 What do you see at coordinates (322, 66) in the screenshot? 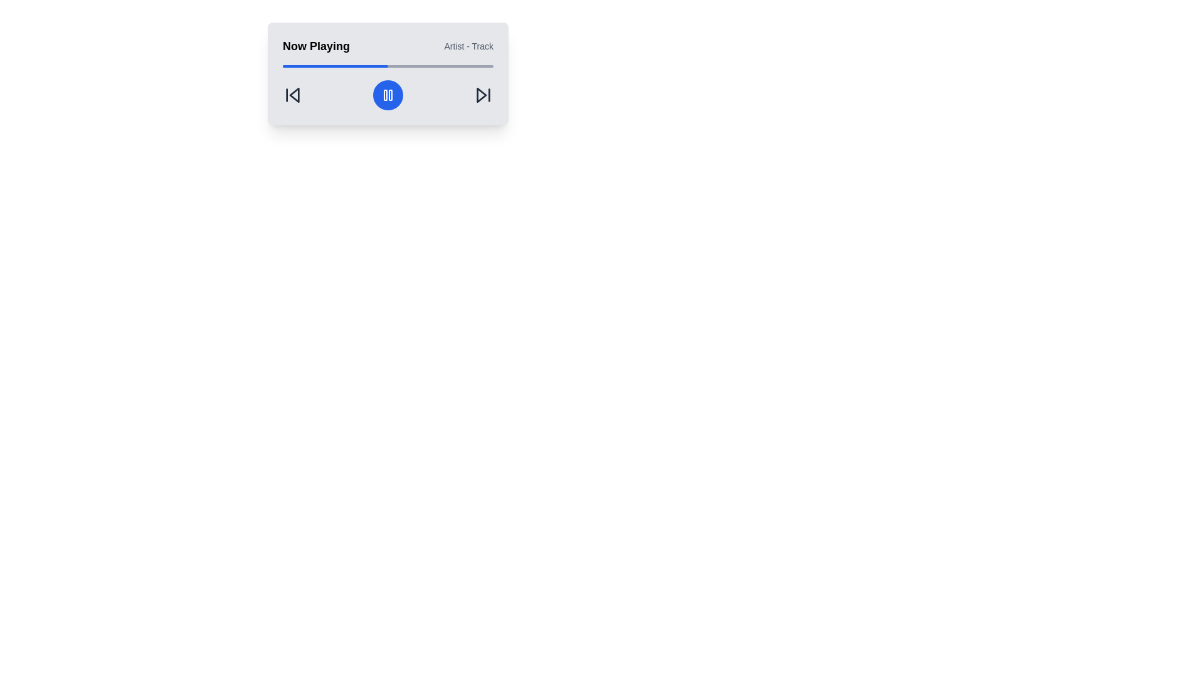
I see `the progress of the bar` at bounding box center [322, 66].